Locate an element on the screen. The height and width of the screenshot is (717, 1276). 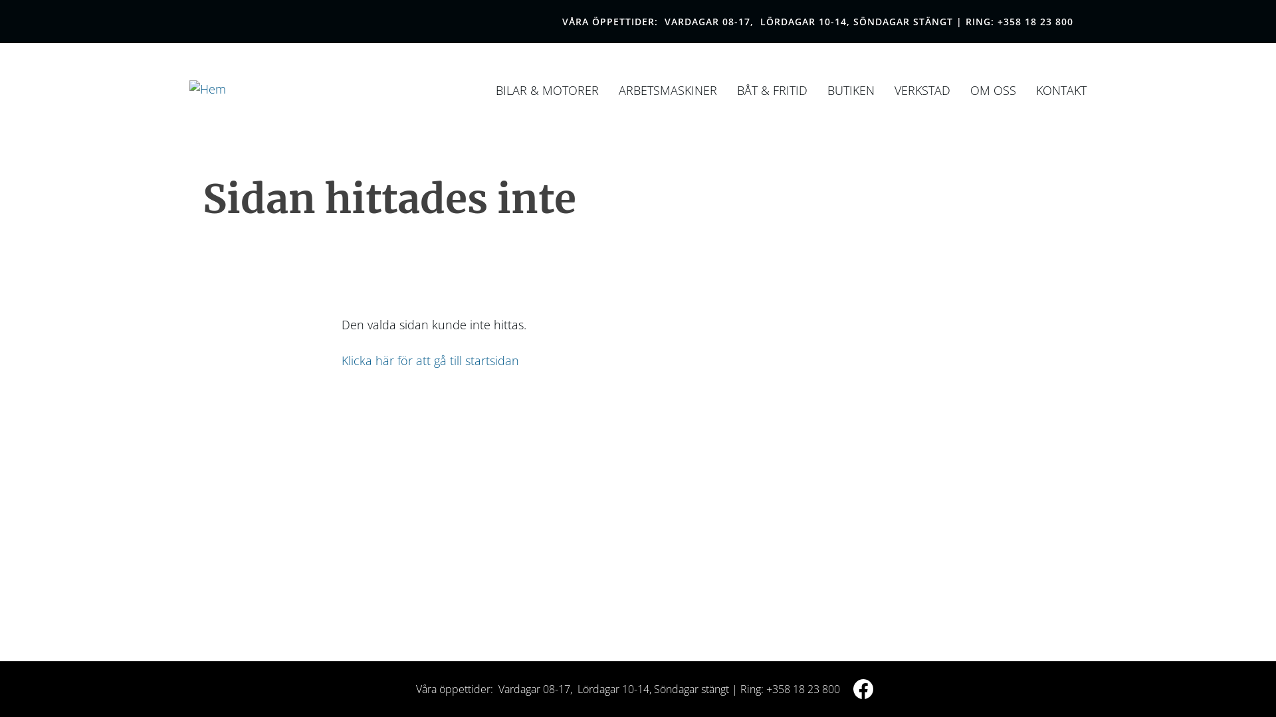
'KONTAKT' is located at coordinates (1061, 90).